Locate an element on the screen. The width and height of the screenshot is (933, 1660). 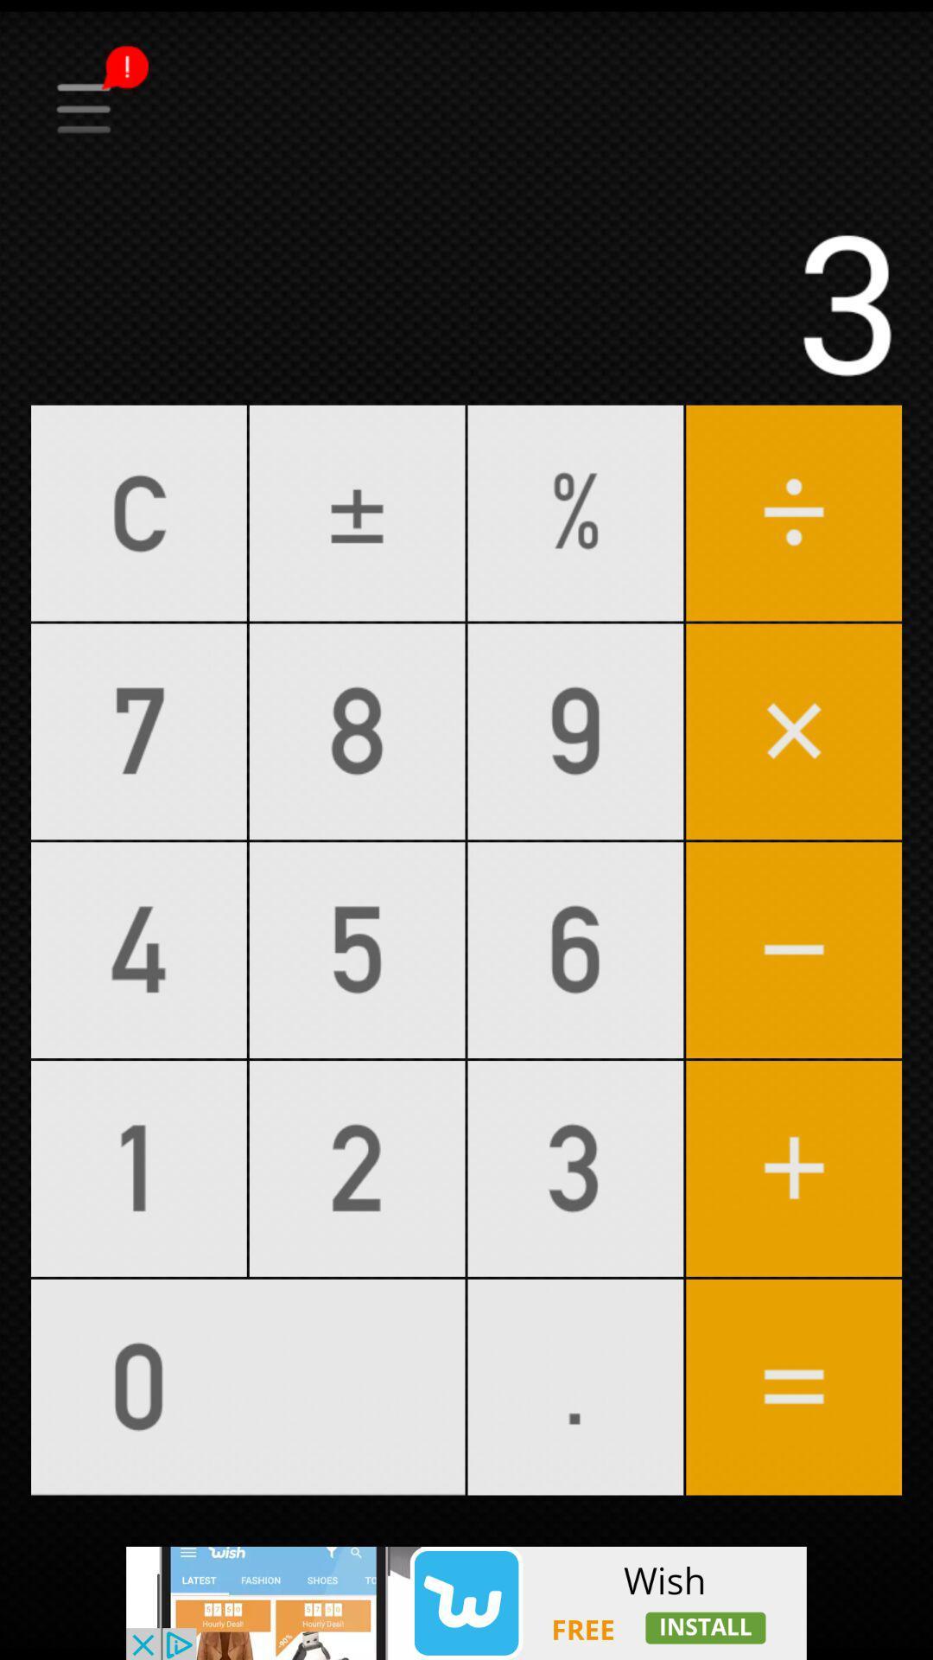
advertisement is located at coordinates (466, 1602).